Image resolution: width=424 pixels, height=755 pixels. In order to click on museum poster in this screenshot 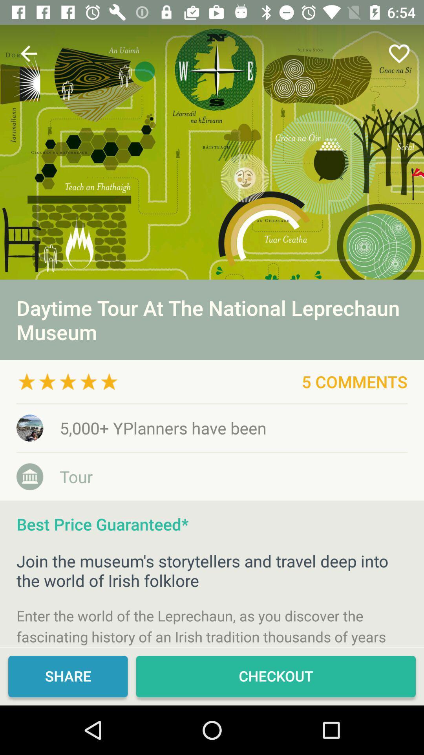, I will do `click(212, 152)`.